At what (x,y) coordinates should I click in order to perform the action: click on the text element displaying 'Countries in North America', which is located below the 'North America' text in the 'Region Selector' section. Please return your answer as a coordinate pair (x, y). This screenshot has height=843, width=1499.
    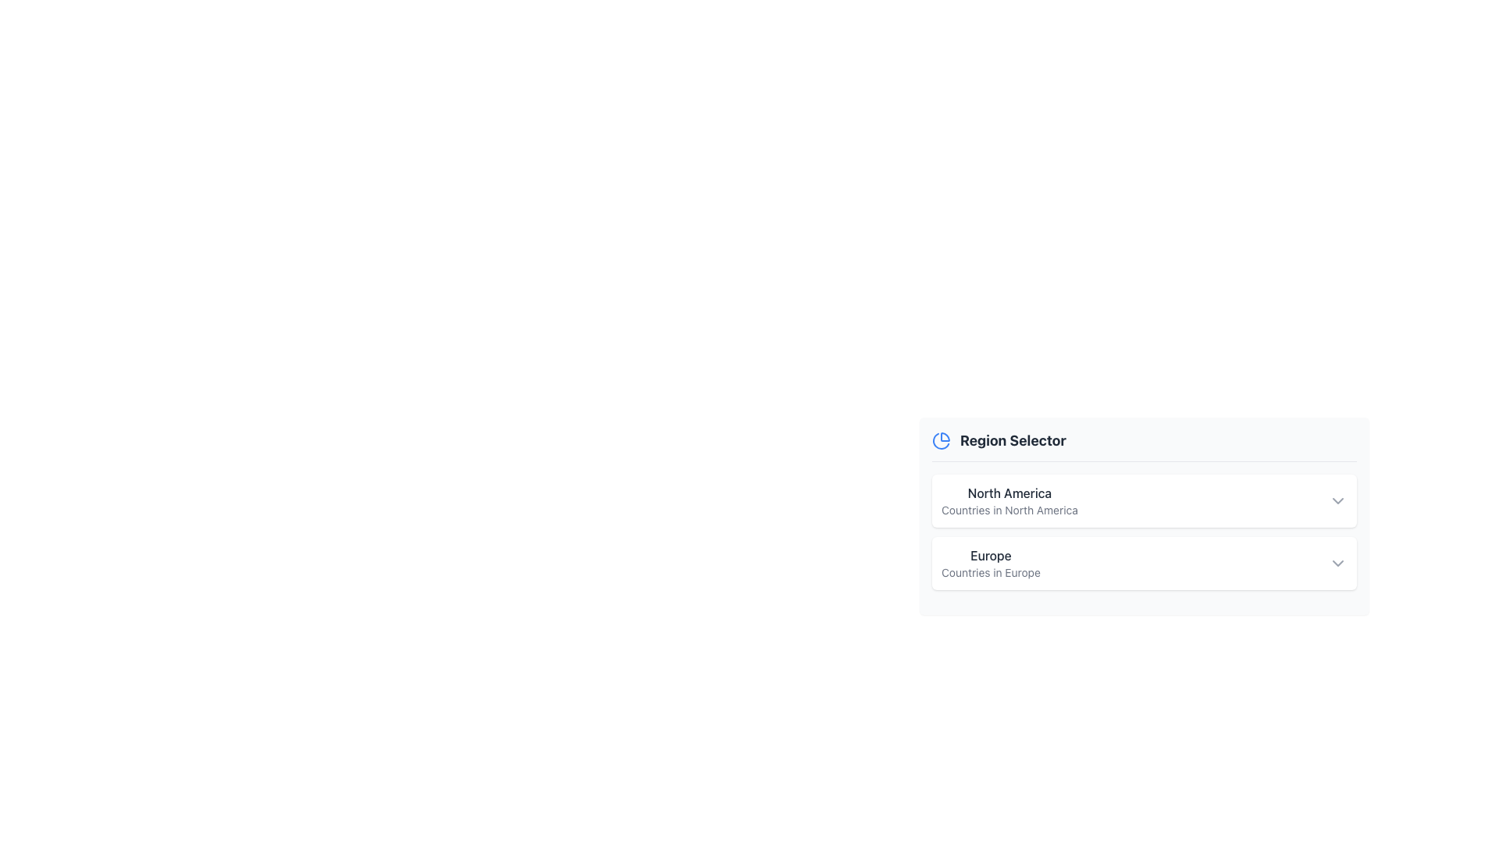
    Looking at the image, I should click on (1009, 510).